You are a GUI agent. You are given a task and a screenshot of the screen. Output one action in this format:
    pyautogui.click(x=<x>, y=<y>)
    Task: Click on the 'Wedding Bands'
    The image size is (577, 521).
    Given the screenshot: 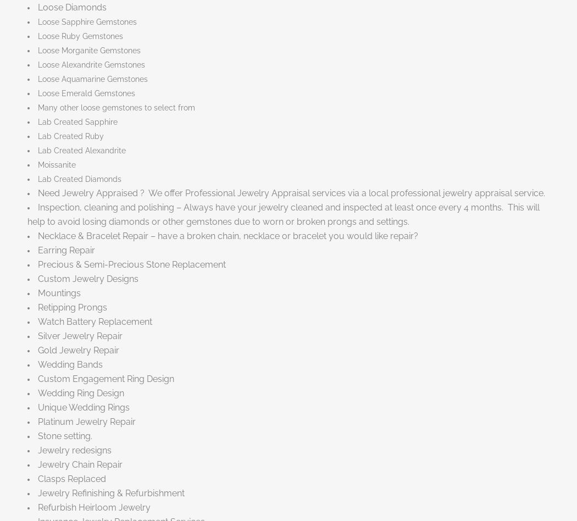 What is the action you would take?
    pyautogui.click(x=69, y=363)
    